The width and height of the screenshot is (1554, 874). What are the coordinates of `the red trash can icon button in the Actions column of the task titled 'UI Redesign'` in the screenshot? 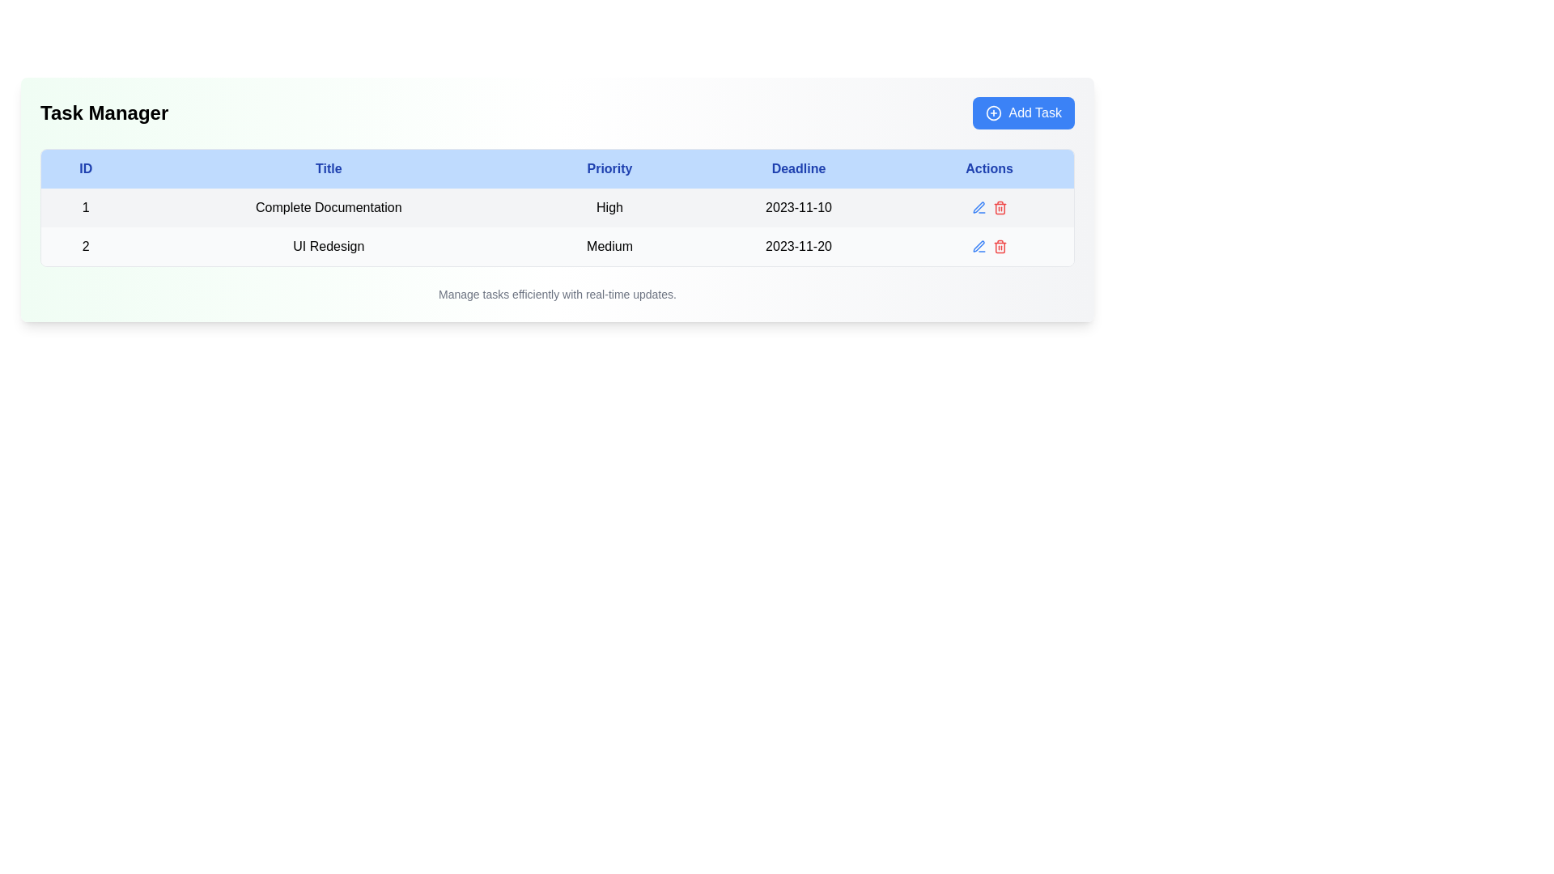 It's located at (999, 207).